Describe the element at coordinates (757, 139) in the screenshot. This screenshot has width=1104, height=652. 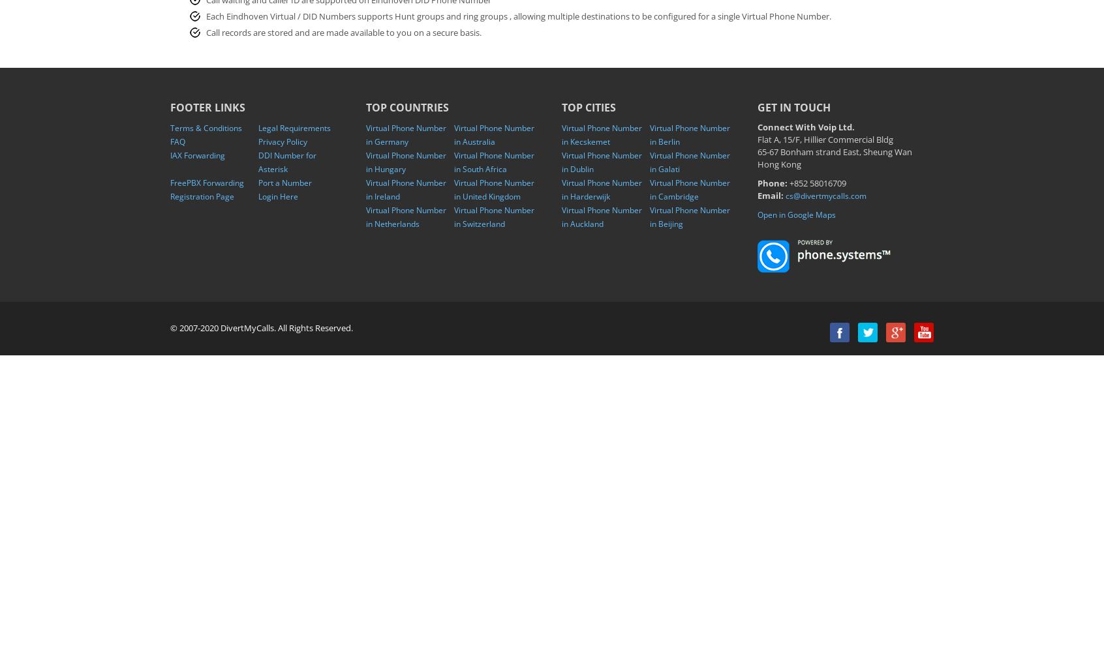
I see `'Flat A, 15/F, Hillier Commercial Bldg'` at that location.